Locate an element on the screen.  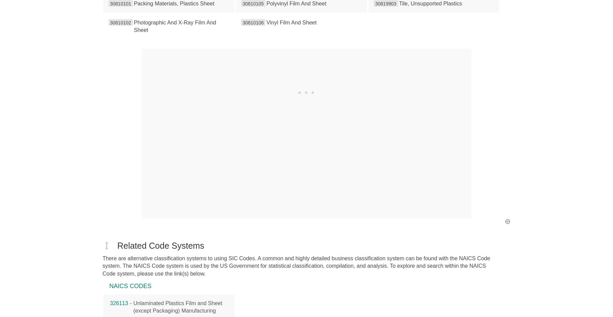
'Vinyl Film And Sheet' is located at coordinates (291, 22).